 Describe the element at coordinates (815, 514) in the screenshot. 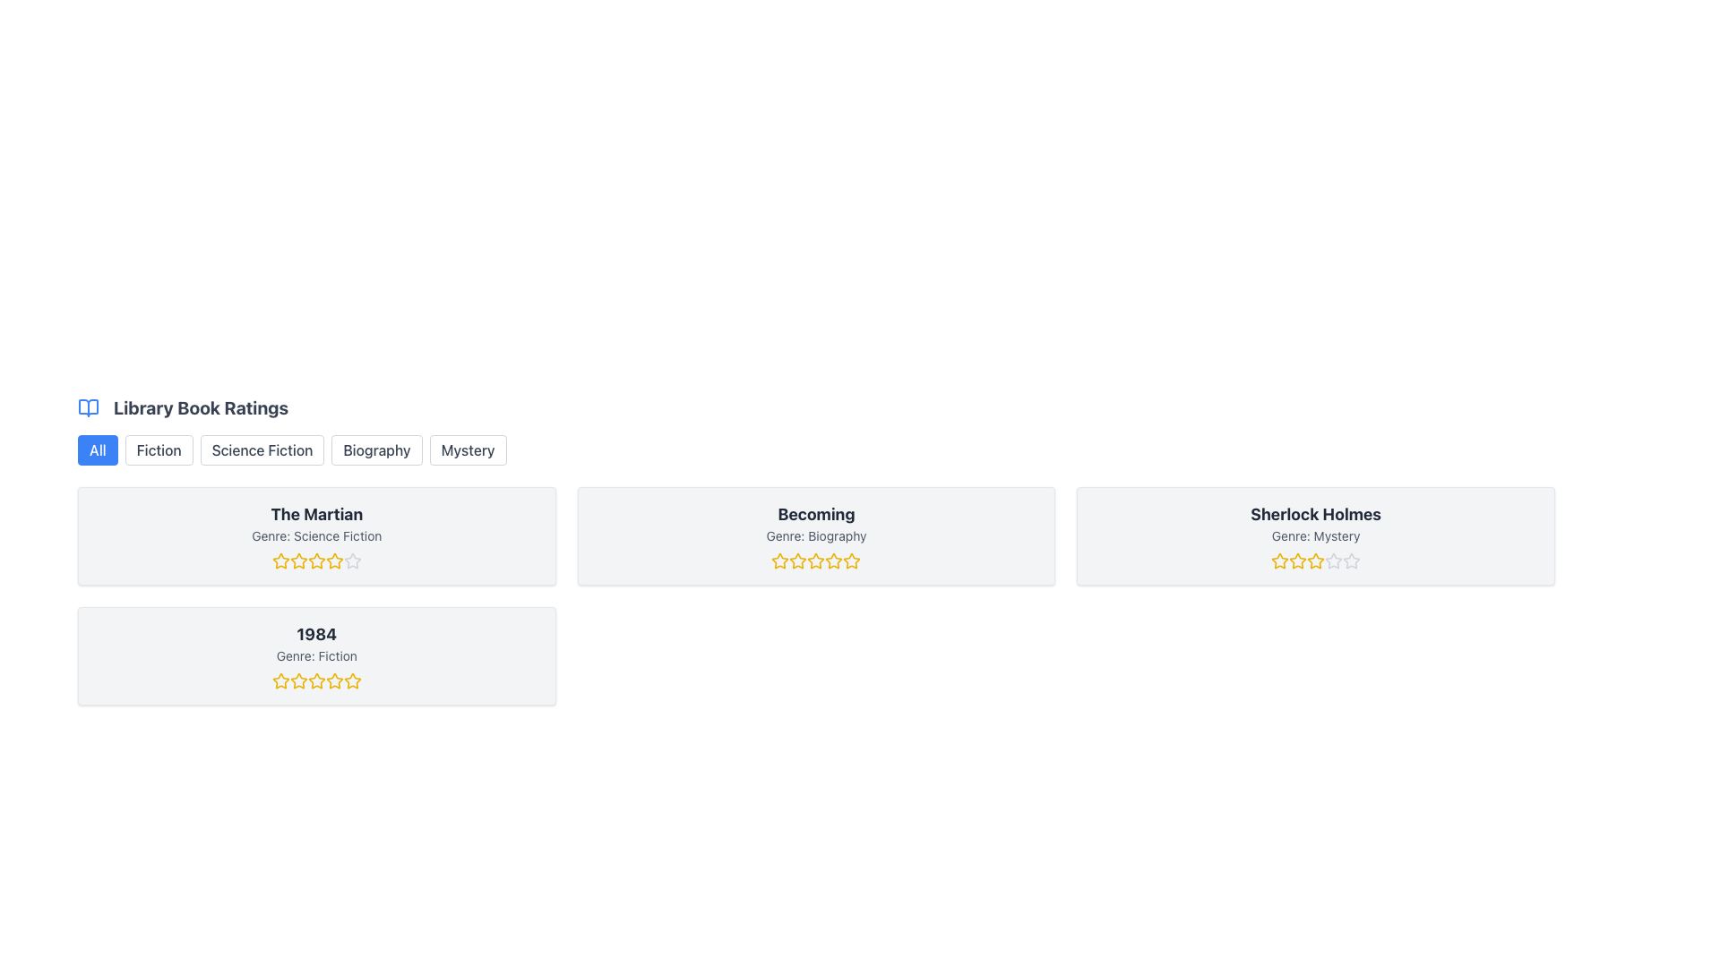

I see `the text label that reads 'Becoming', which is styled in bold dark gray and located at the top-central portion of the 'Becoming' card` at that location.